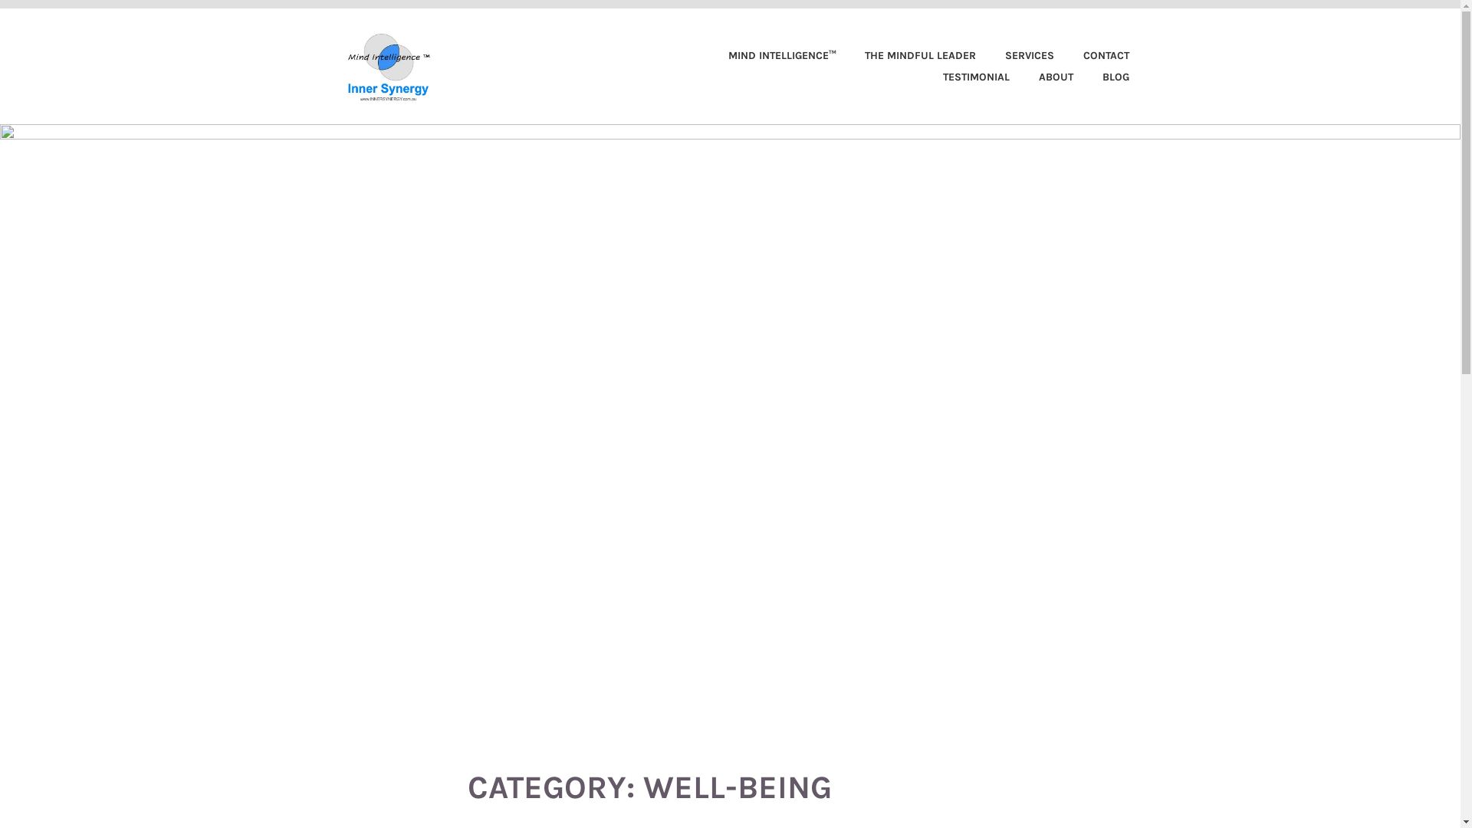  I want to click on 'ABOUT', so click(1043, 77).